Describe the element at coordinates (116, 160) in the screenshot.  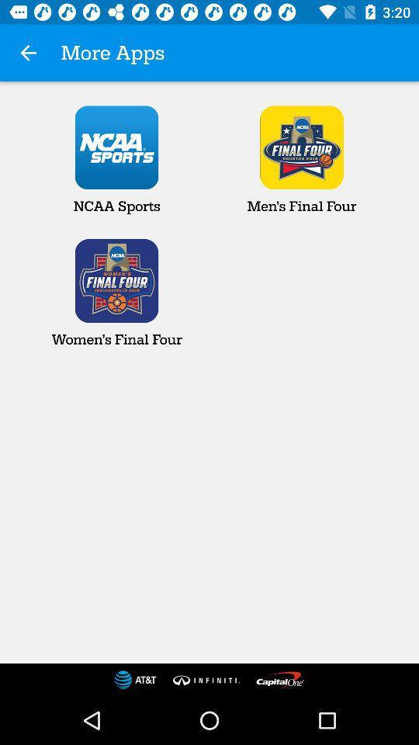
I see `the app below more apps` at that location.